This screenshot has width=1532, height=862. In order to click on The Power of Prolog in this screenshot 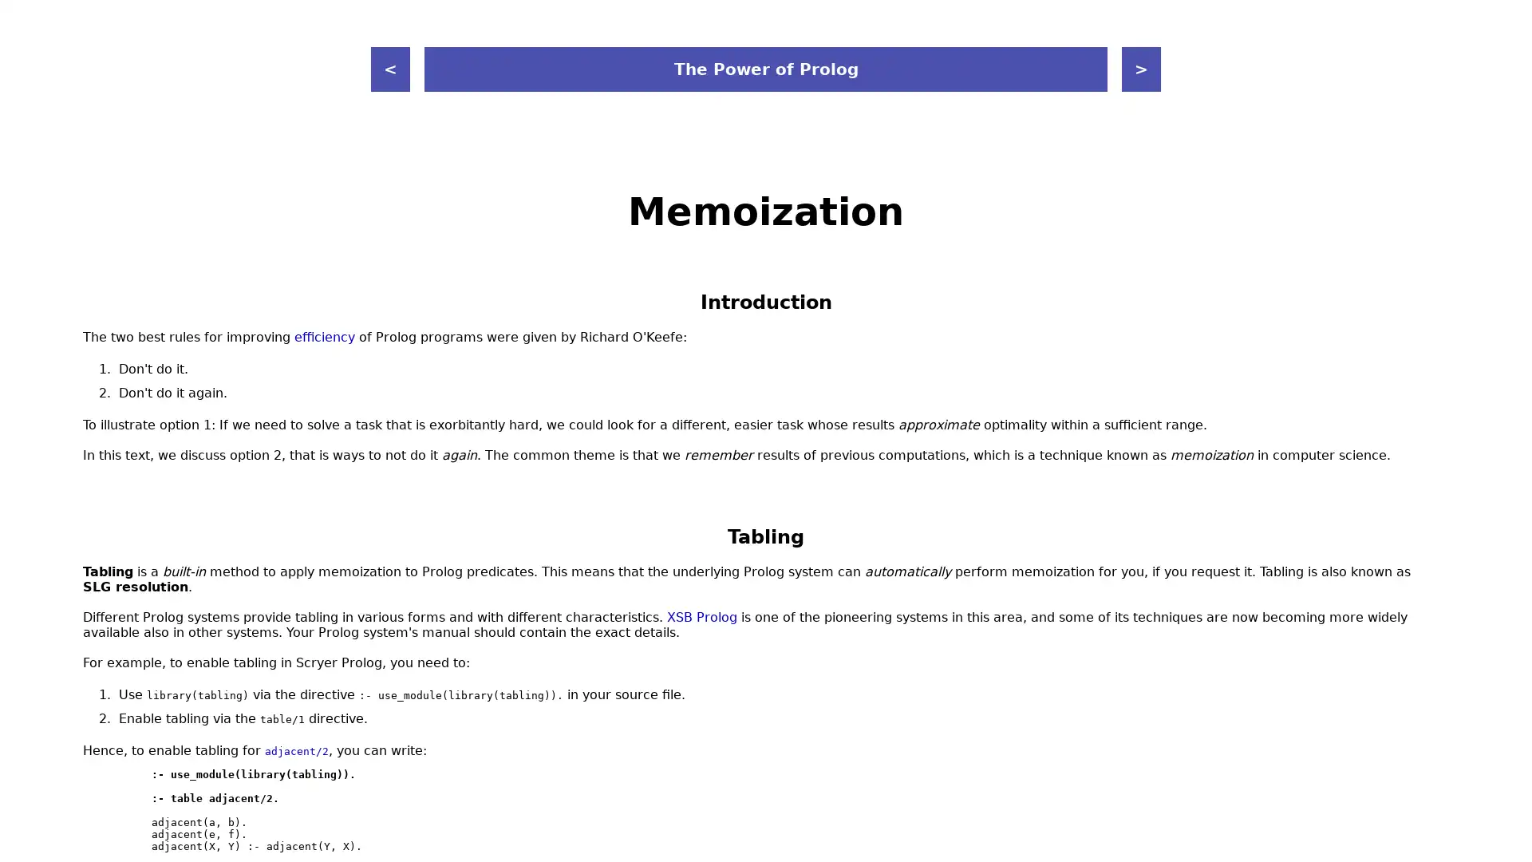, I will do `click(766, 69)`.